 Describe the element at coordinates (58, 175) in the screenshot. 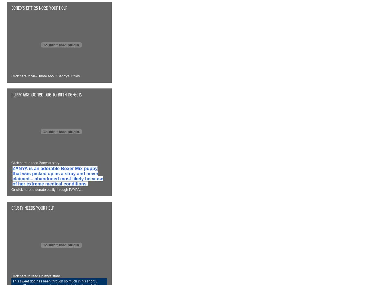

I see `'ZANYA is an adorable Boxer Mix puppy that was picked up as a stray and never claimed... abandoned most likely because of her extreme medical conditions.'` at that location.